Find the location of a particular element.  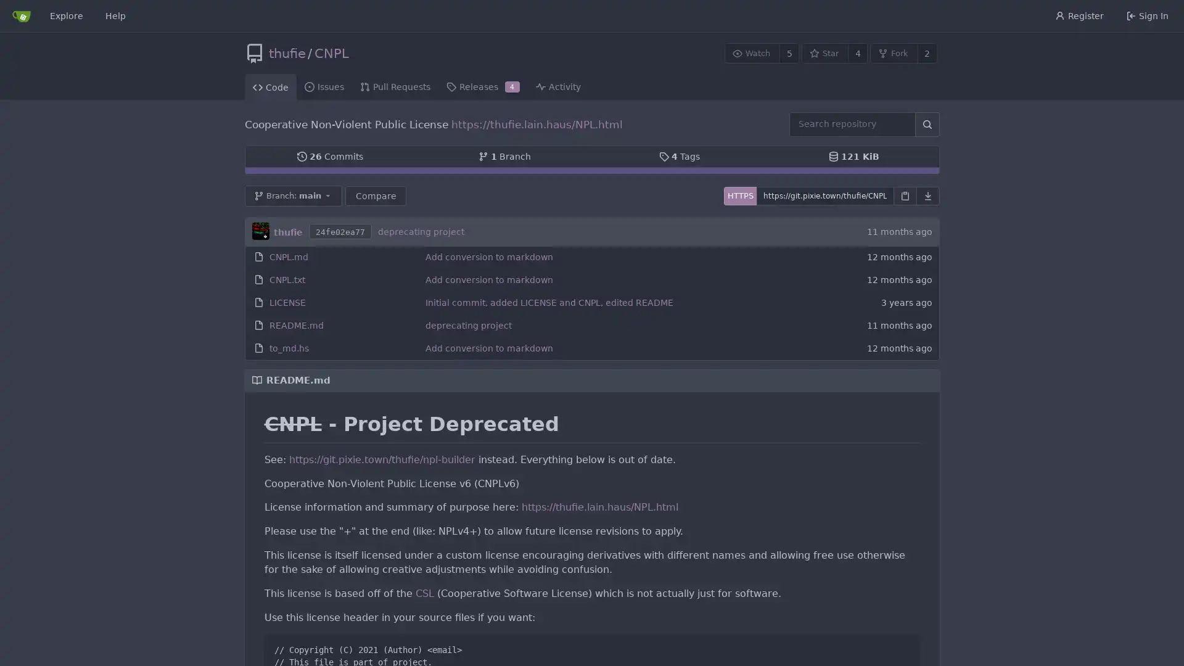

Star is located at coordinates (824, 52).